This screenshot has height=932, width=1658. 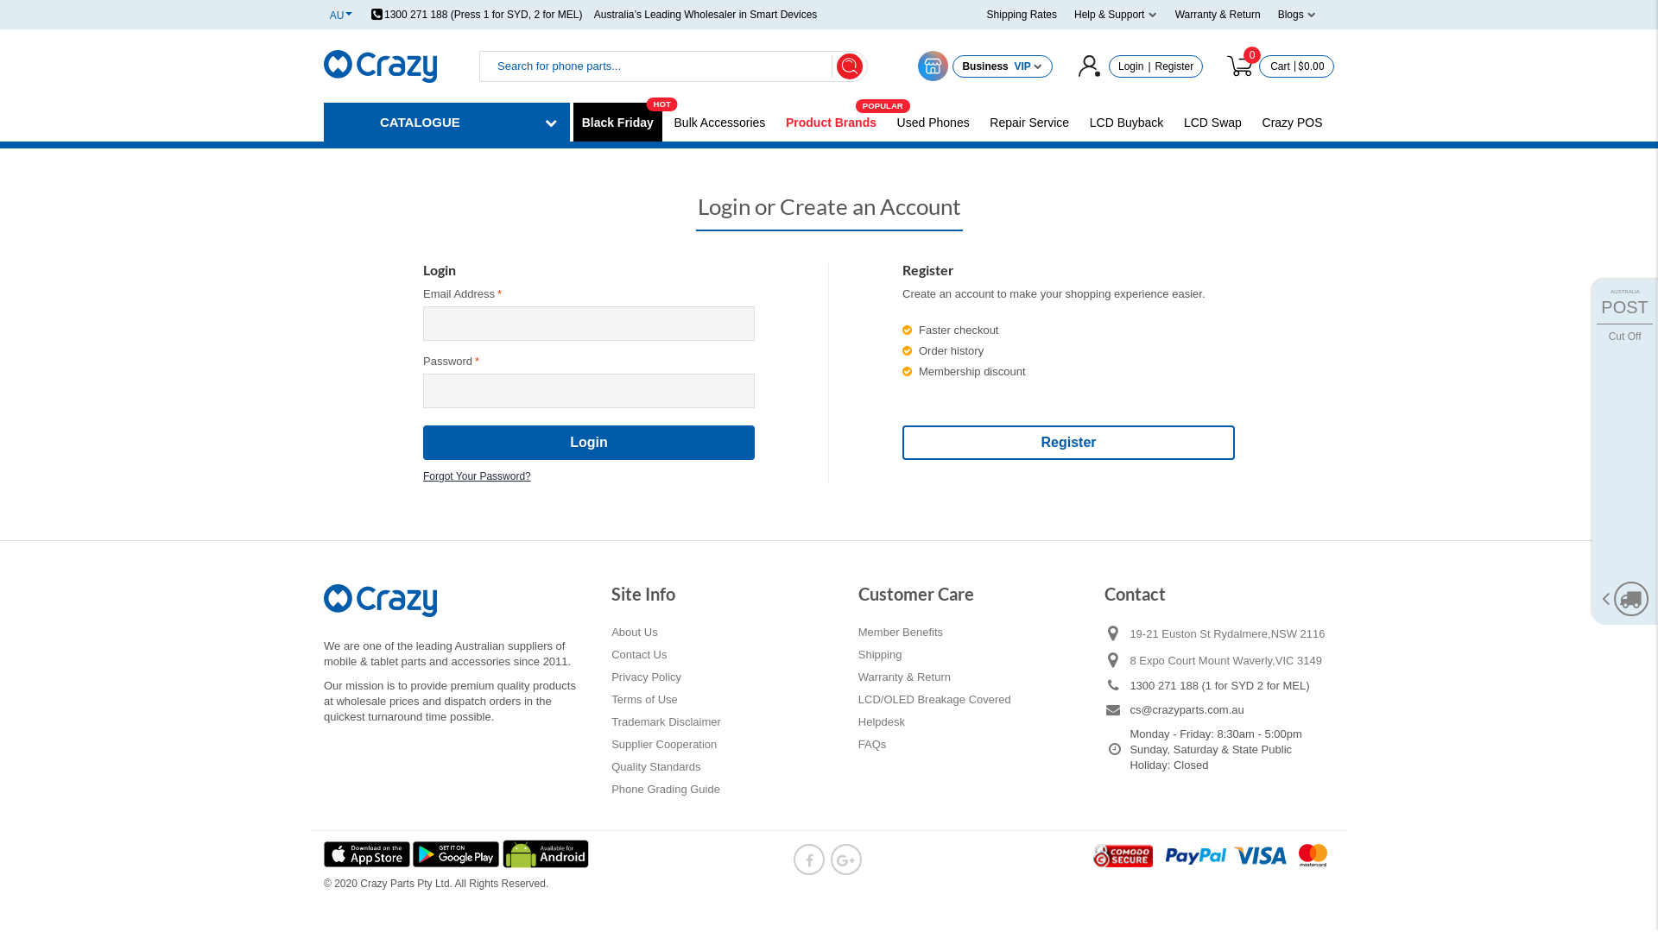 What do you see at coordinates (477, 472) in the screenshot?
I see `'Forgot Your Password?'` at bounding box center [477, 472].